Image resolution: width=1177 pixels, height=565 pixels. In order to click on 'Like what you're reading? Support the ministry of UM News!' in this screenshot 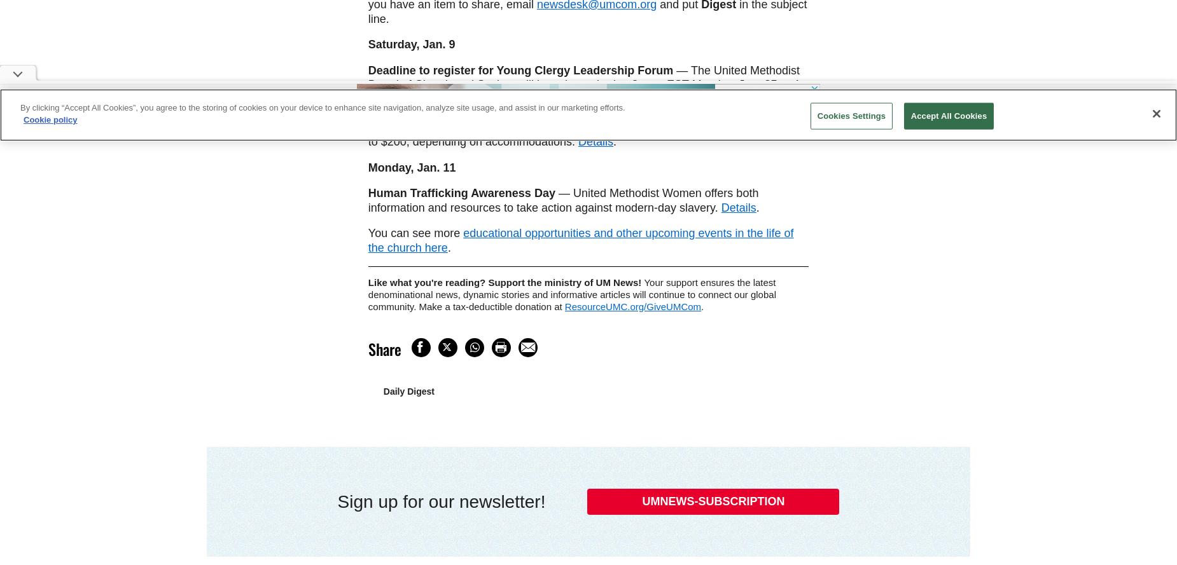, I will do `click(367, 282)`.